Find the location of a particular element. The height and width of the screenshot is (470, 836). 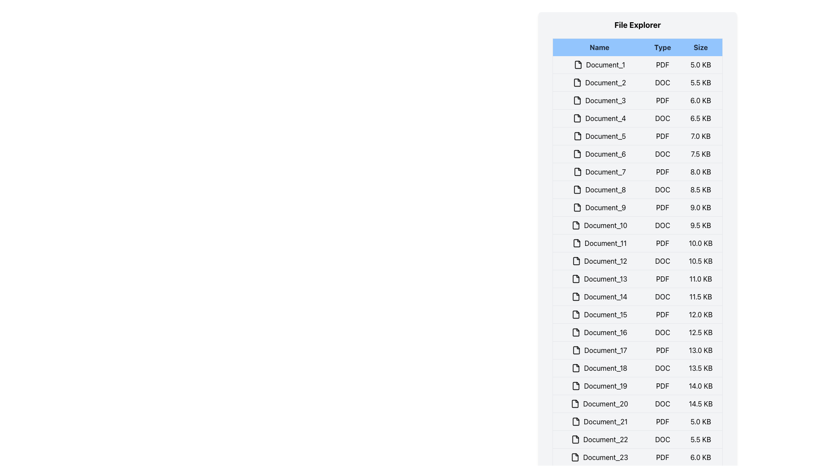

the third row of the file explorer, which displays the file name 'Document_3', file type 'PDF', and file size '6.0 KB', to see file options is located at coordinates (637, 100).